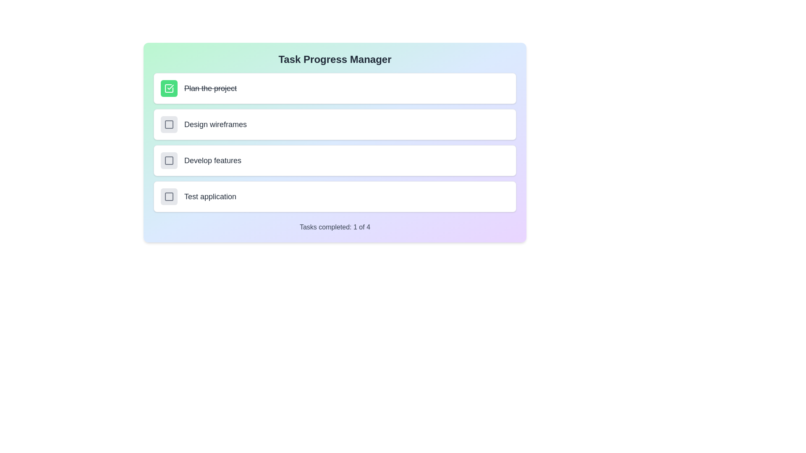 The width and height of the screenshot is (806, 453). What do you see at coordinates (334, 142) in the screenshot?
I see `an individual task within the task items list, which is centrally located below the 'Task Progress Manager' heading and above the 'Tasks completed: 1 of 4' status text` at bounding box center [334, 142].